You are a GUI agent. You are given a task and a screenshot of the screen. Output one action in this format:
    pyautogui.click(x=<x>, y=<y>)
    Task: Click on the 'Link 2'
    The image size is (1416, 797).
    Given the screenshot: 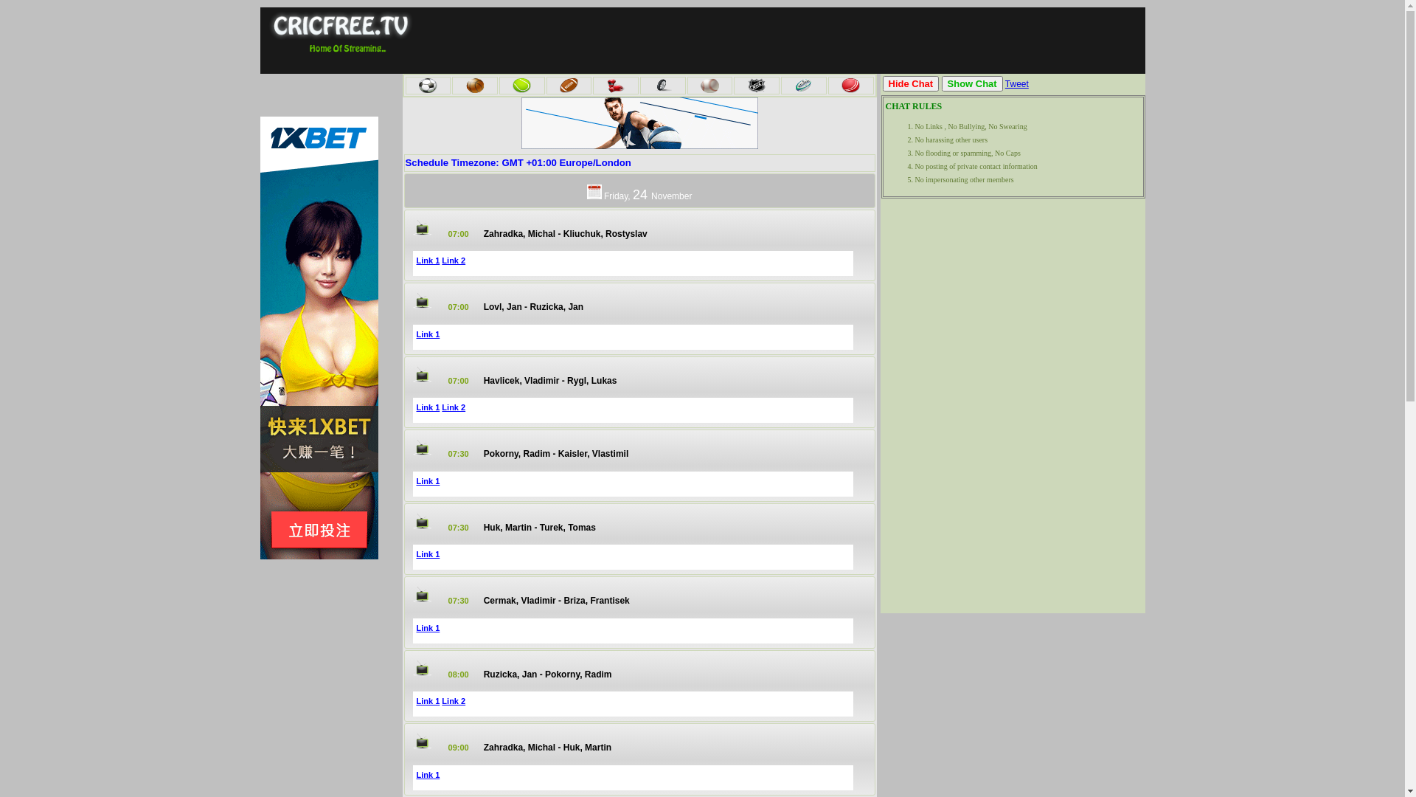 What is the action you would take?
    pyautogui.click(x=452, y=260)
    